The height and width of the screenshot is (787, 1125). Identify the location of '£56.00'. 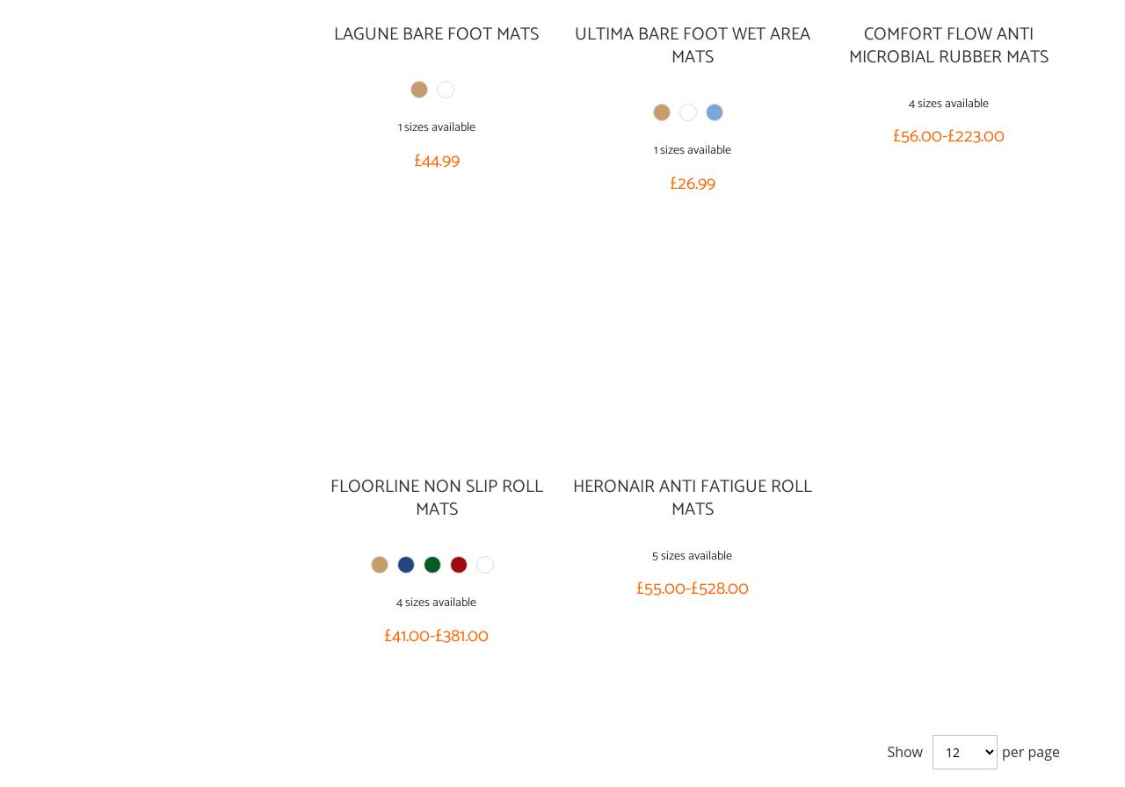
(915, 136).